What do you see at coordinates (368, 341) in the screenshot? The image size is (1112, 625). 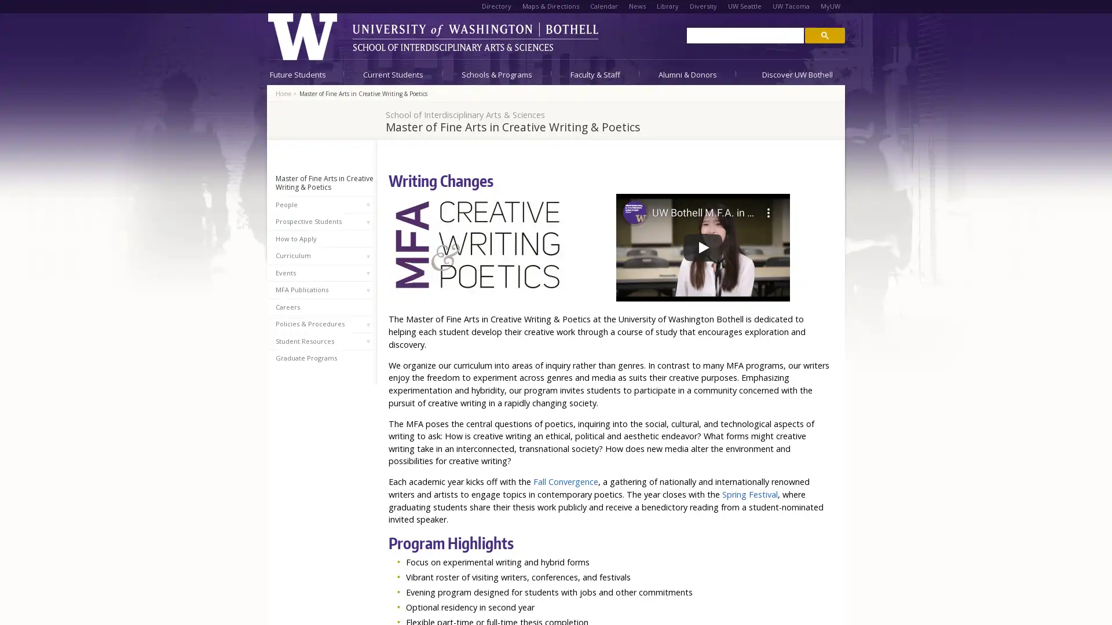 I see `Student Resources Submenu` at bounding box center [368, 341].